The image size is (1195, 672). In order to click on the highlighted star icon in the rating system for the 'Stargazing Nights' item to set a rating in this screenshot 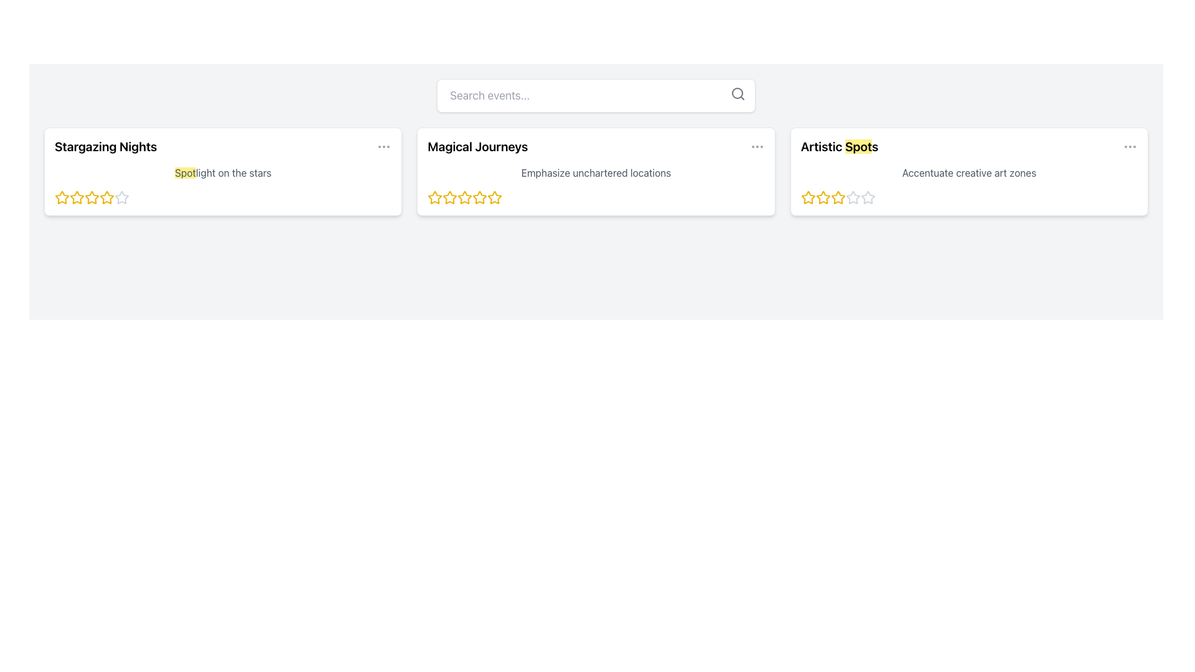, I will do `click(77, 197)`.